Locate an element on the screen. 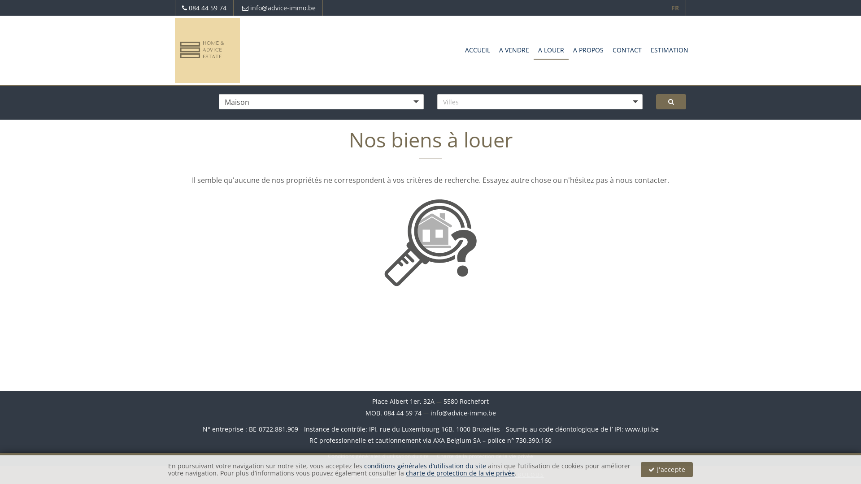 The width and height of the screenshot is (861, 484). 'CONTACT' is located at coordinates (626, 49).